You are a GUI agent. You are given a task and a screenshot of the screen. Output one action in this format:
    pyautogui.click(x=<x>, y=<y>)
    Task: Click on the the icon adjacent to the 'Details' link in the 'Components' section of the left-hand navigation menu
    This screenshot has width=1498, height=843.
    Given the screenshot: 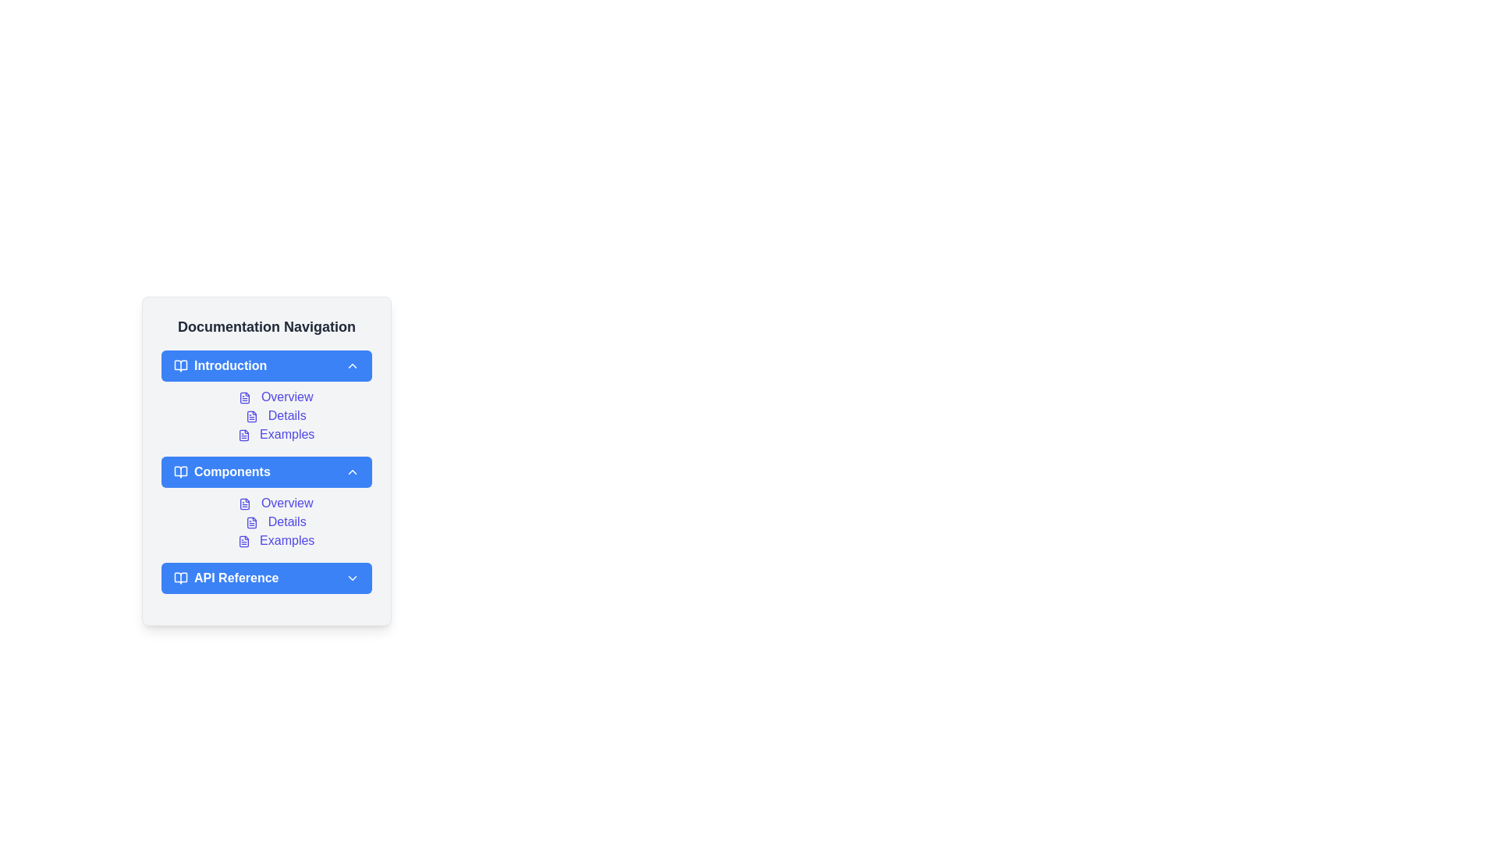 What is the action you would take?
    pyautogui.click(x=252, y=522)
    